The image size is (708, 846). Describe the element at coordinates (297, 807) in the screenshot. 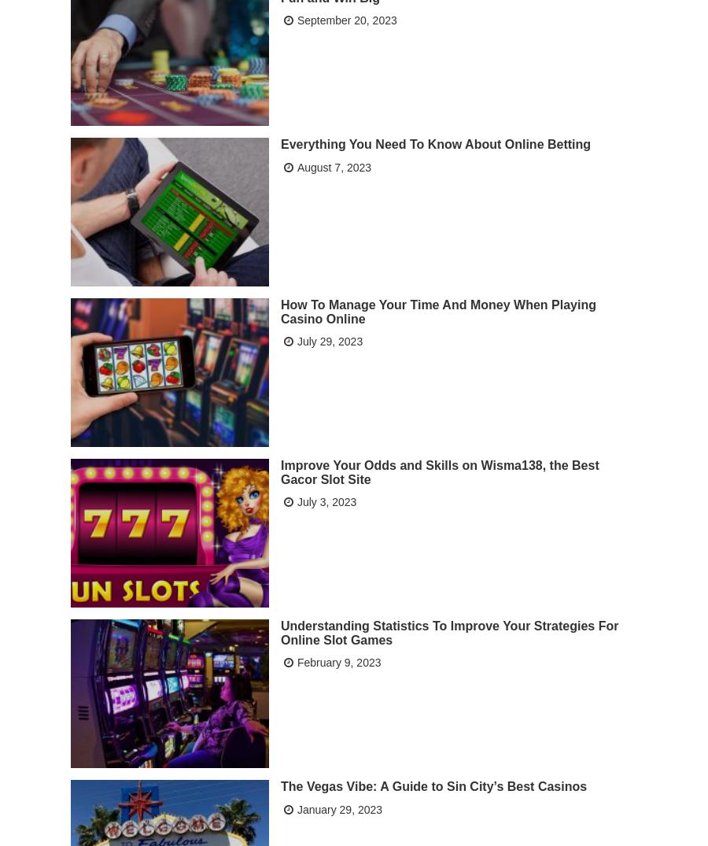

I see `'January 29, 2023'` at that location.